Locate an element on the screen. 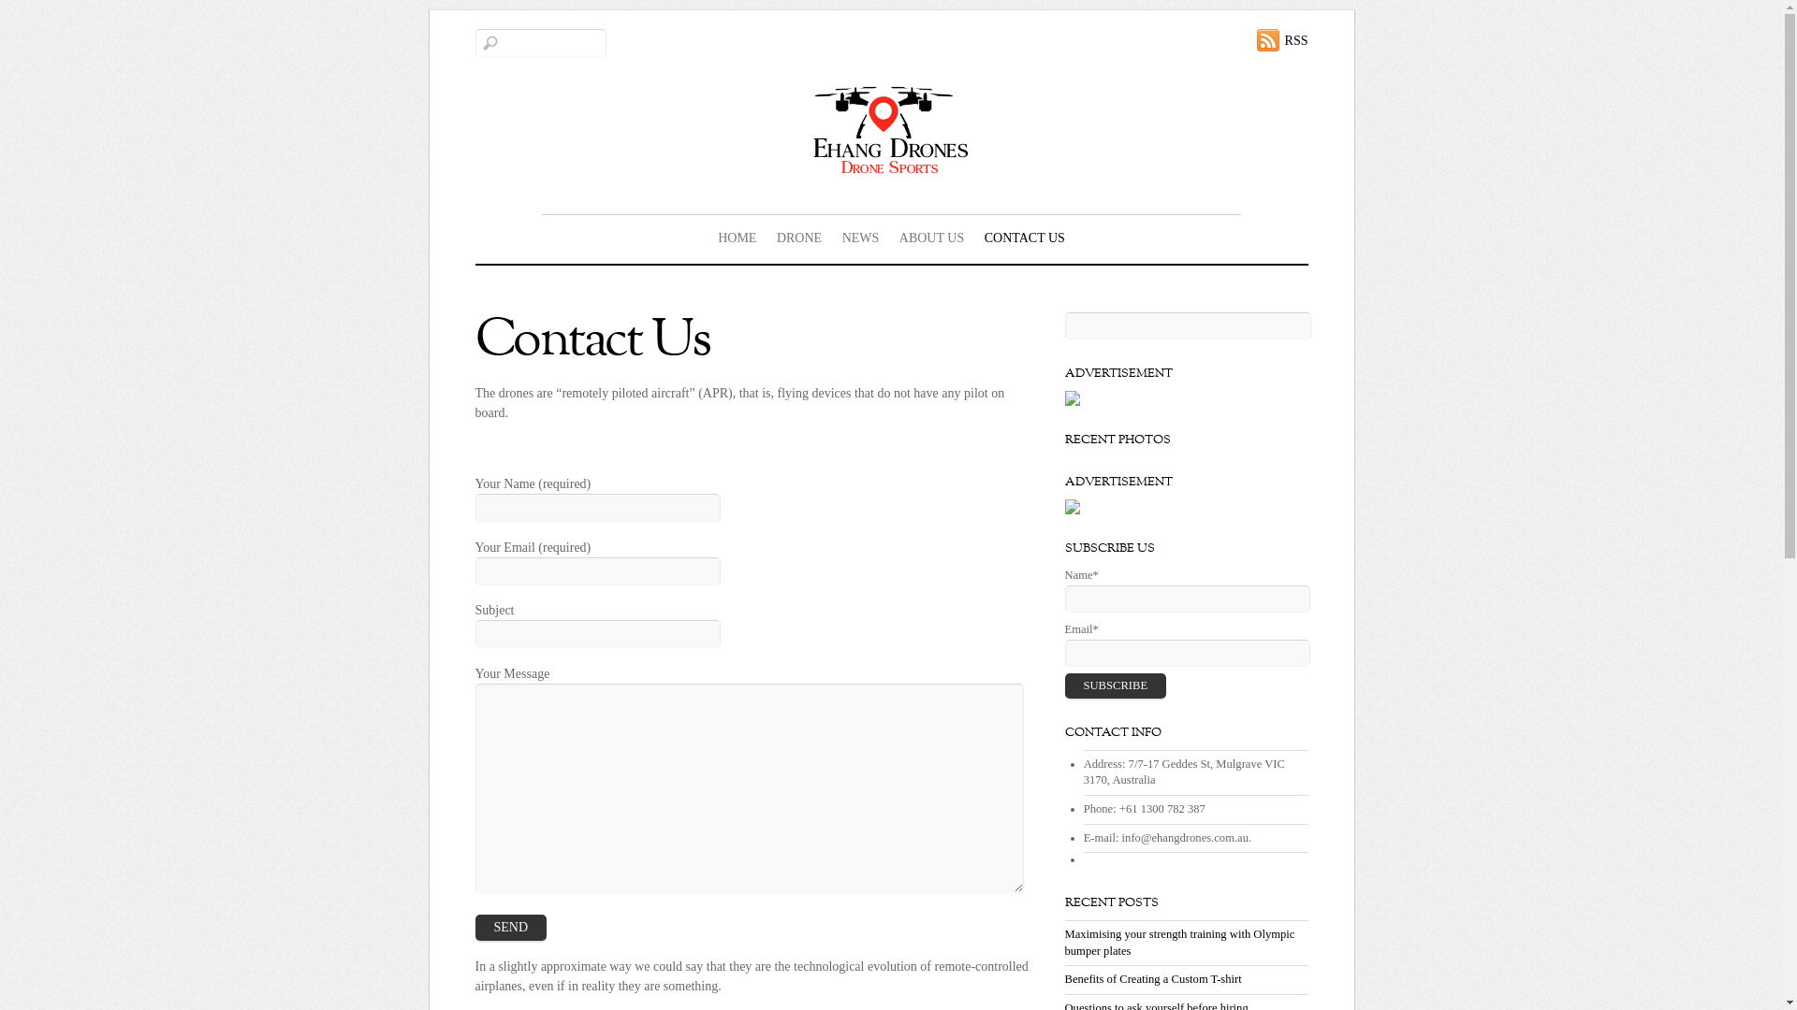 The width and height of the screenshot is (1797, 1010). 'Maximising your strength training with Olympic bumper plates' is located at coordinates (1179, 942).